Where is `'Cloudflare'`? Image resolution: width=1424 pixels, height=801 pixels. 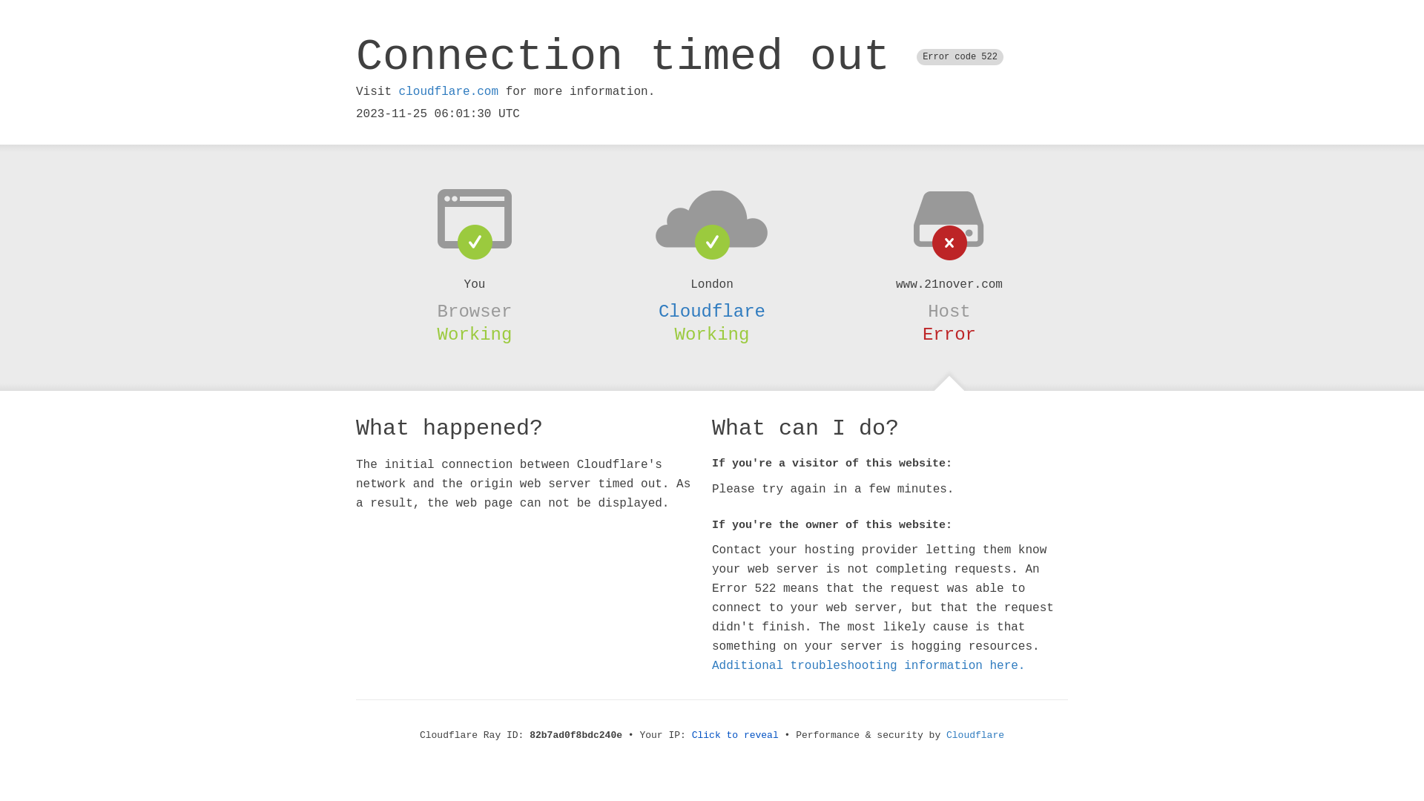 'Cloudflare' is located at coordinates (712, 311).